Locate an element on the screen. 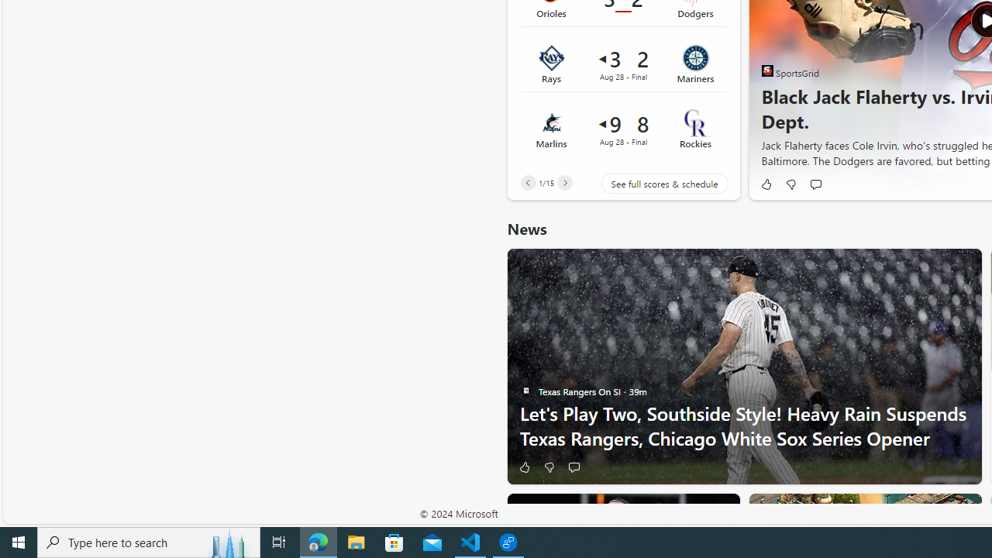  'Like' is located at coordinates (524, 466).